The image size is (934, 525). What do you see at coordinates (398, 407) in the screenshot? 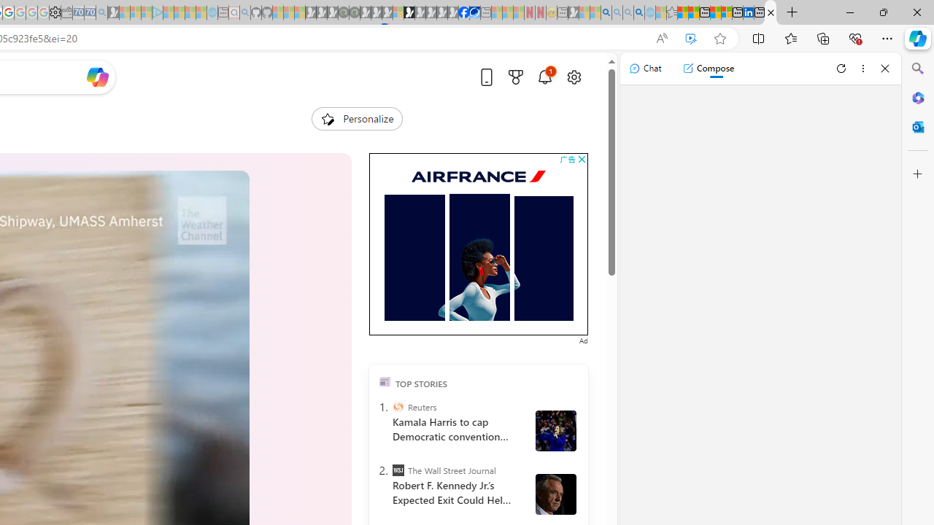
I see `'Reuters'` at bounding box center [398, 407].